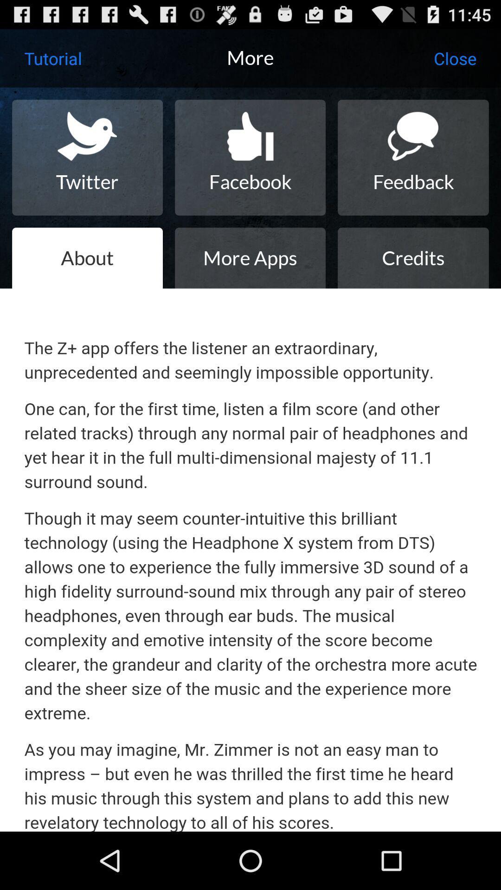 The image size is (501, 890). Describe the element at coordinates (250, 258) in the screenshot. I see `the more apps icon` at that location.